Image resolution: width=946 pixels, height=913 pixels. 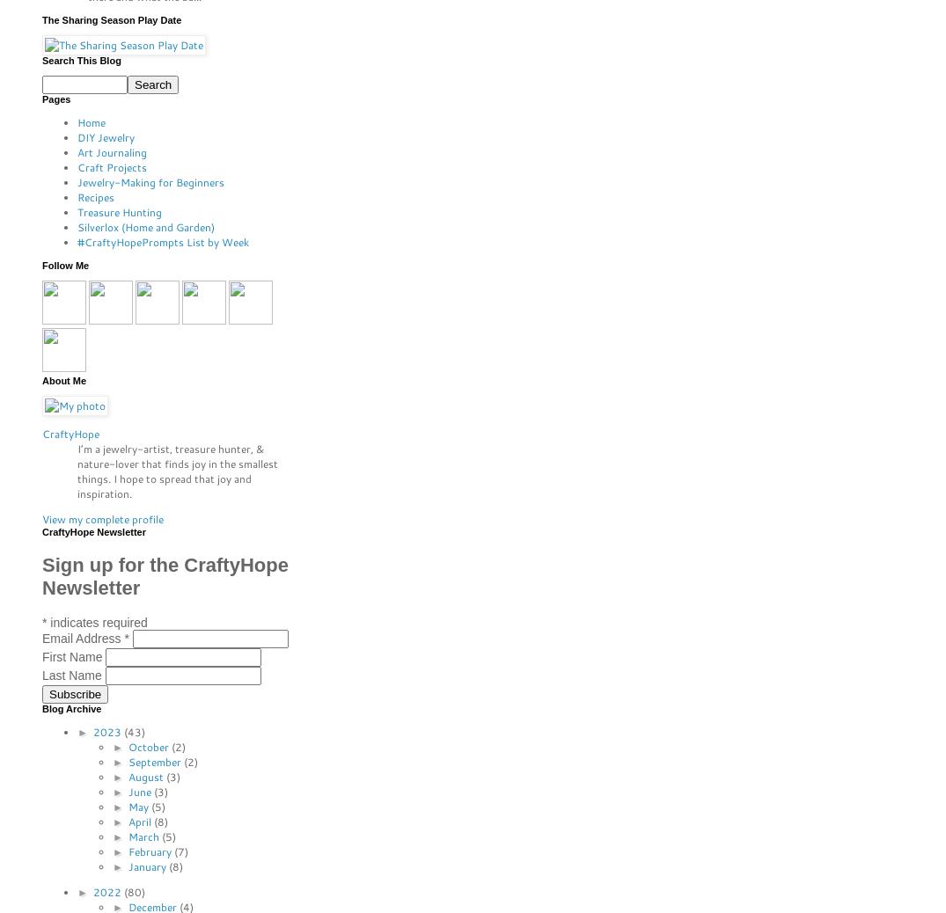 What do you see at coordinates (71, 707) in the screenshot?
I see `'Blog Archive'` at bounding box center [71, 707].